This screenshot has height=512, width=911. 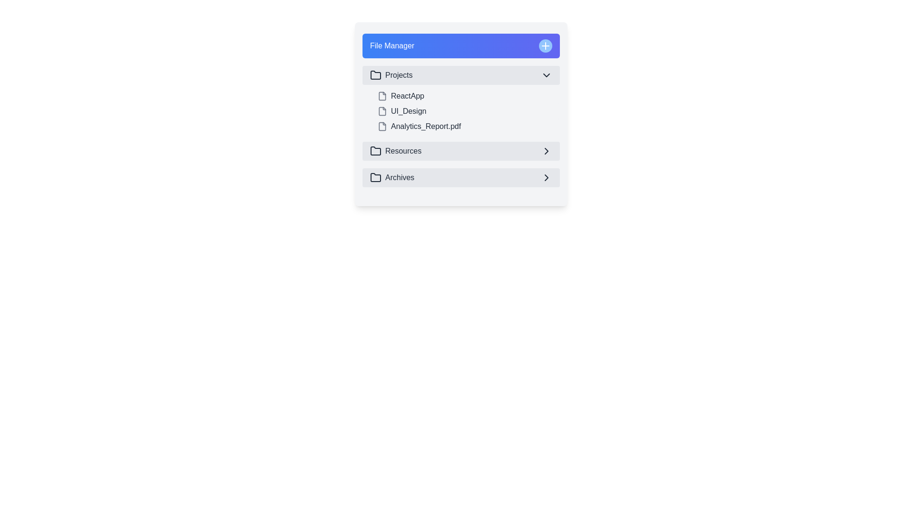 What do you see at coordinates (375, 177) in the screenshot?
I see `the folder icon associated with 'Archives' in the file manager interface, located at the bottom section next to the label 'Archives'` at bounding box center [375, 177].